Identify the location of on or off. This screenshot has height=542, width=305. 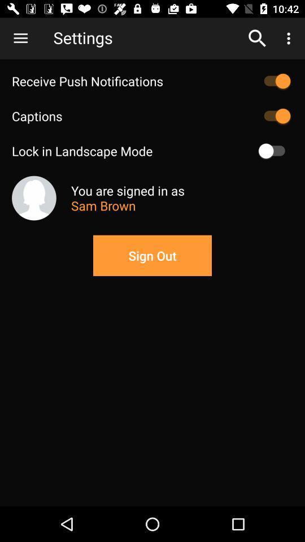
(274, 150).